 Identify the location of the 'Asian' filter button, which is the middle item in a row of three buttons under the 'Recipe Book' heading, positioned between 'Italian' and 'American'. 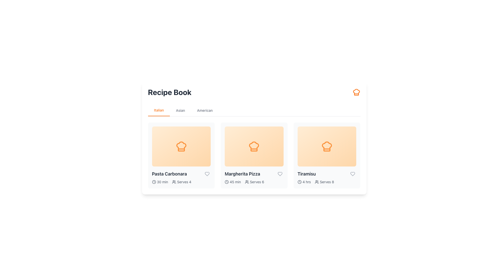
(180, 110).